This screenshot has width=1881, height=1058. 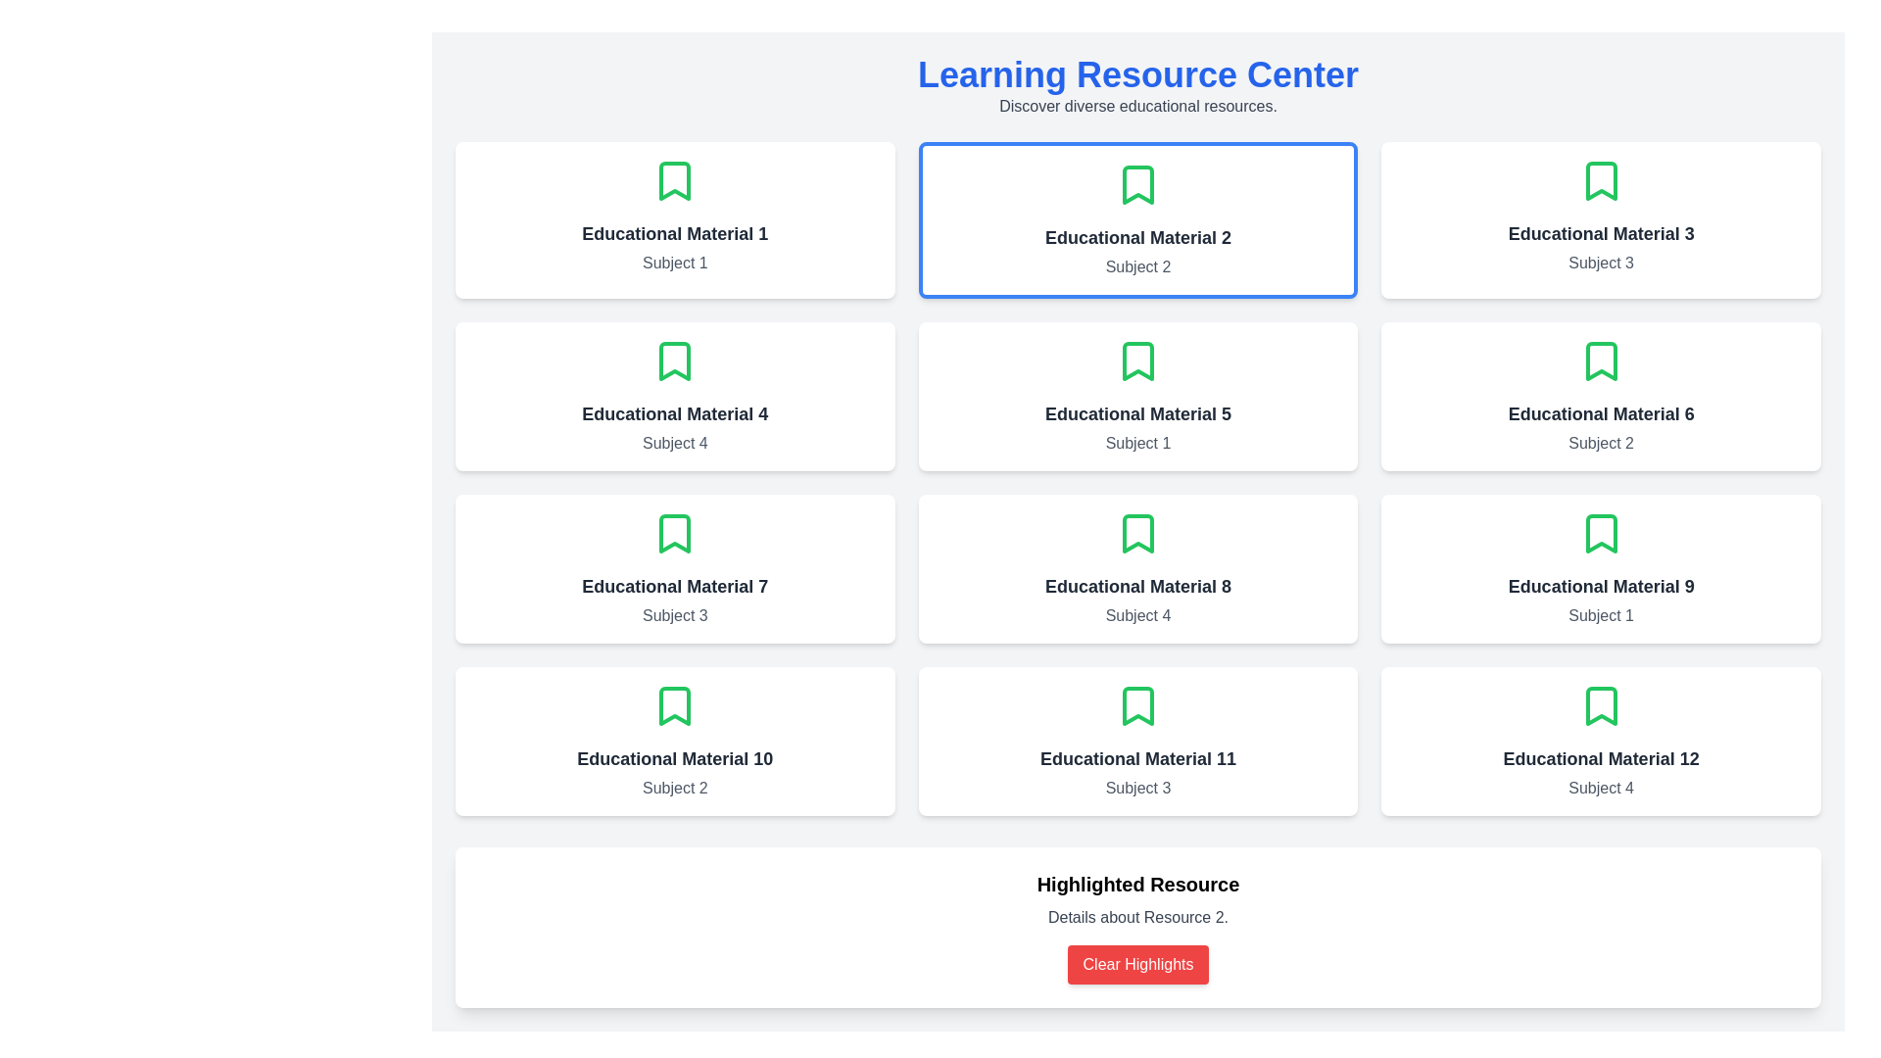 I want to click on the bookmark icon representing the ability to save 'Educational Material 6', located at the top-center of its card with the subtitle 'Subject 2', so click(x=1601, y=361).